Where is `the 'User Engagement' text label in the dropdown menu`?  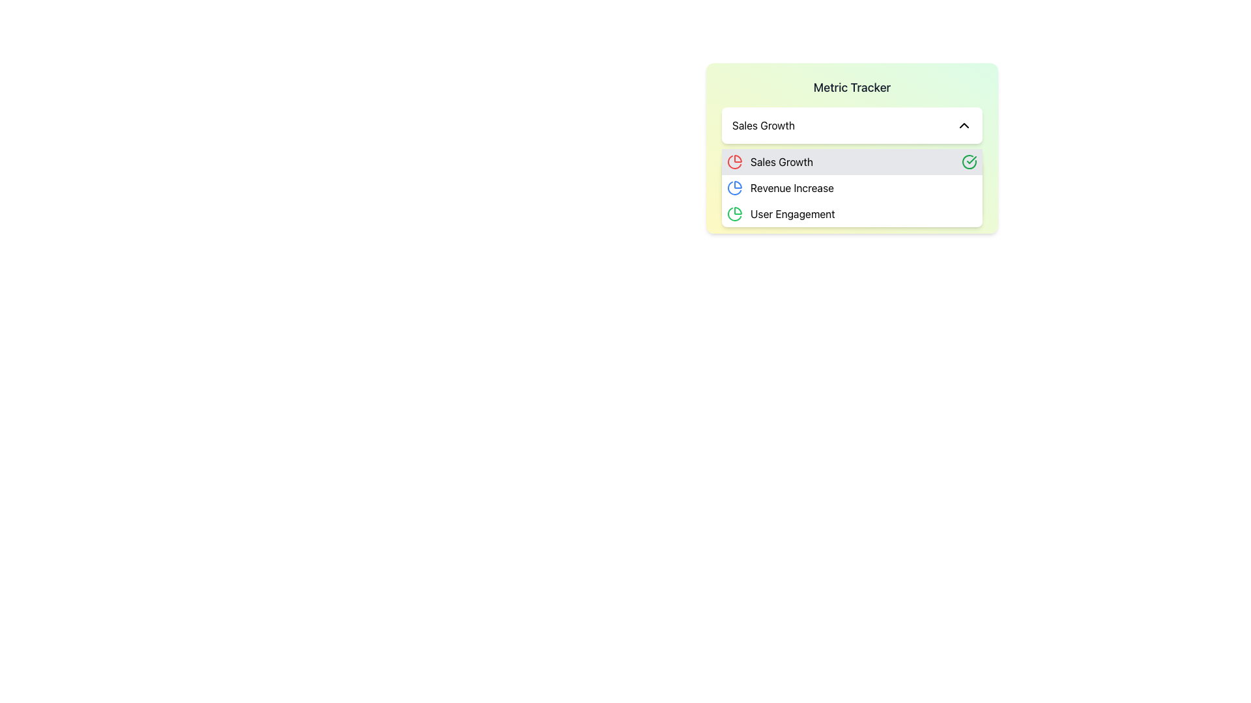
the 'User Engagement' text label in the dropdown menu is located at coordinates (792, 213).